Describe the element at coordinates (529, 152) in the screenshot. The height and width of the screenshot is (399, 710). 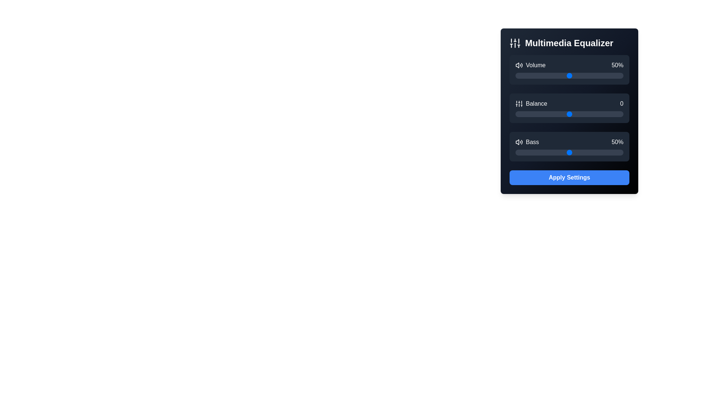
I see `bass level` at that location.